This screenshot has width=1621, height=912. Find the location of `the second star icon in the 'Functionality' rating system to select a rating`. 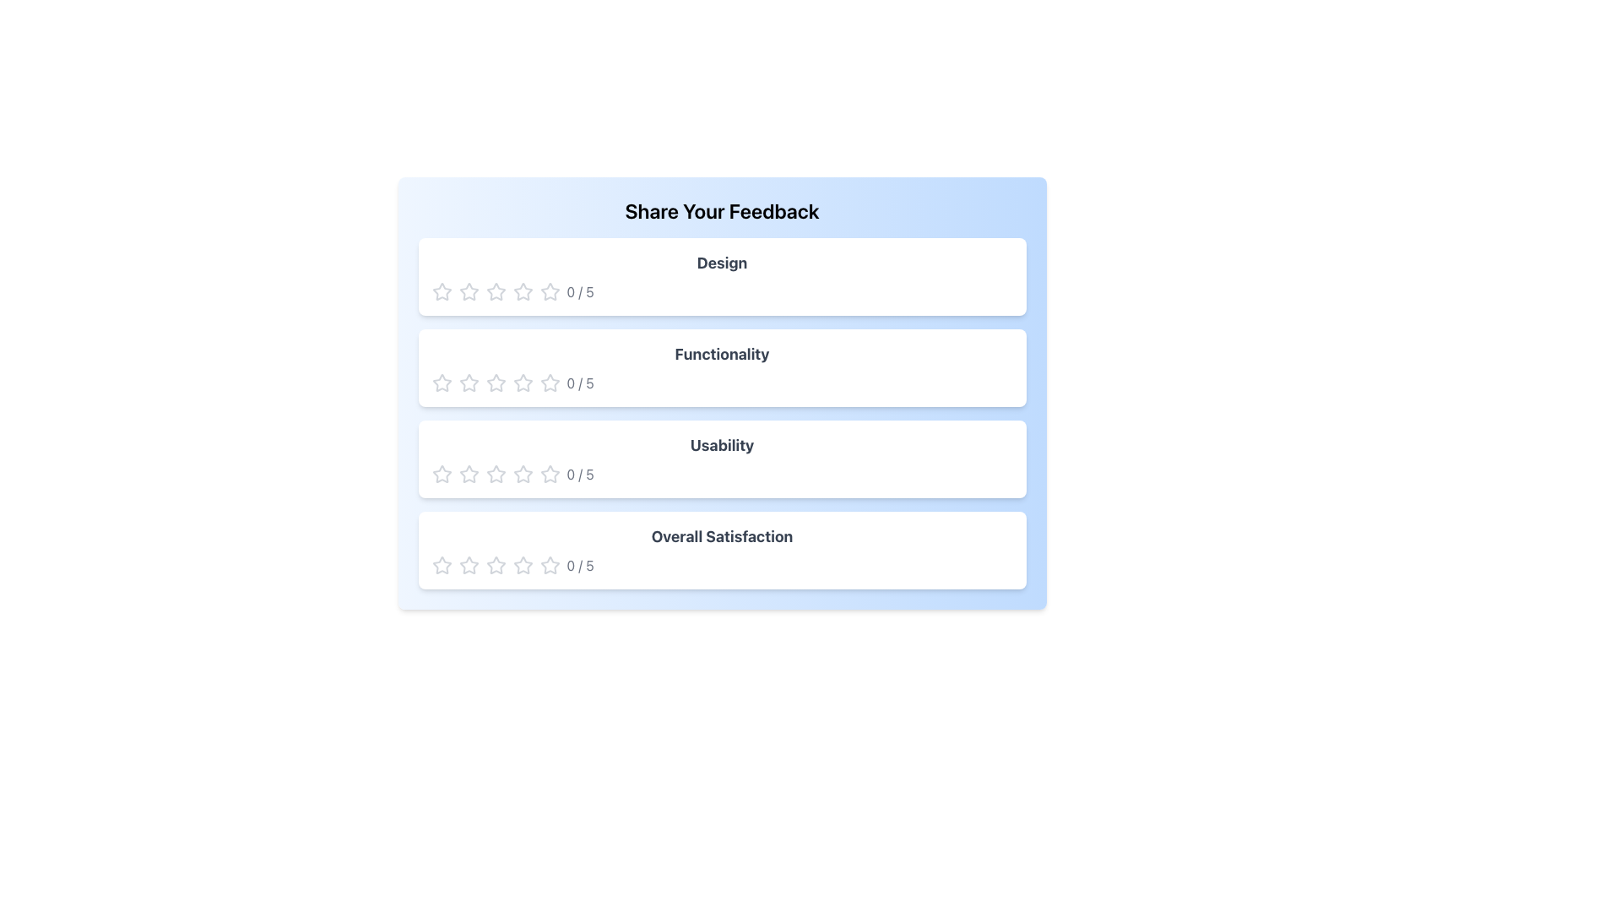

the second star icon in the 'Functionality' rating system to select a rating is located at coordinates (550, 383).